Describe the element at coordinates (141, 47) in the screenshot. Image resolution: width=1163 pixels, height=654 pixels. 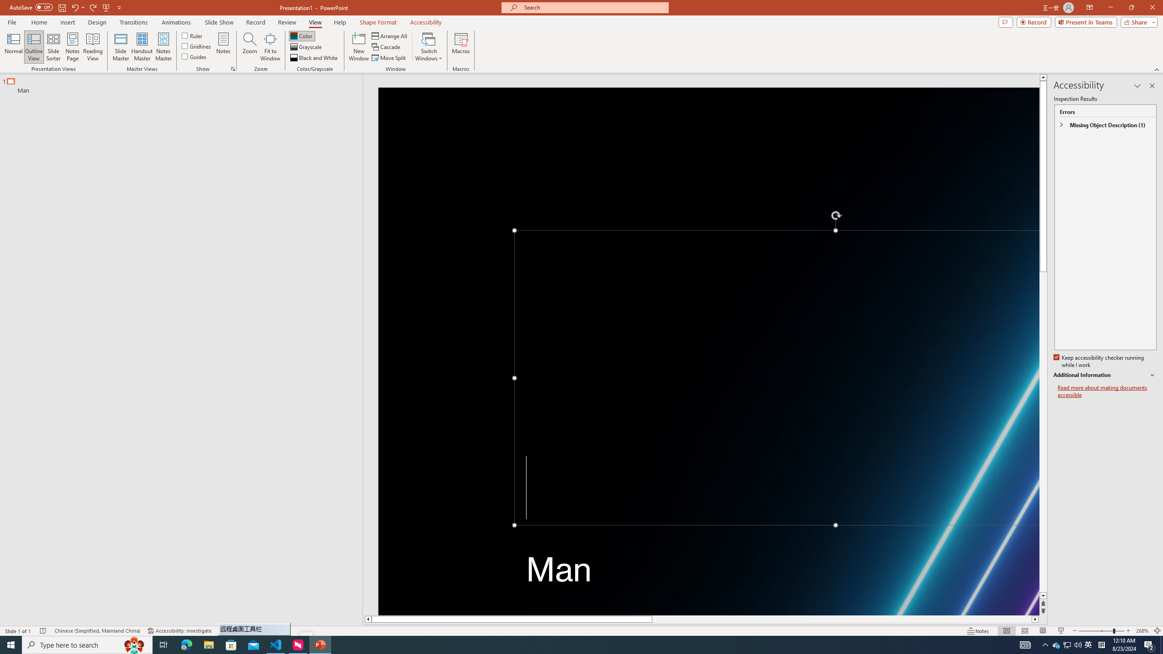
I see `'Handout Master'` at that location.